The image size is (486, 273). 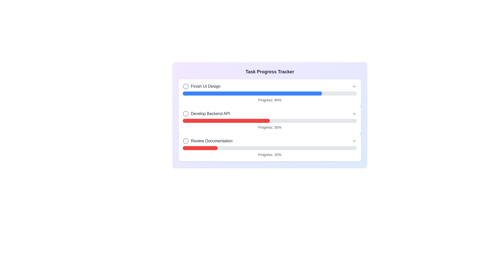 I want to click on the progress bar that visually represents the completion percentage of the 'Develop Backend API' task, positioned underneath its task label, so click(x=269, y=121).